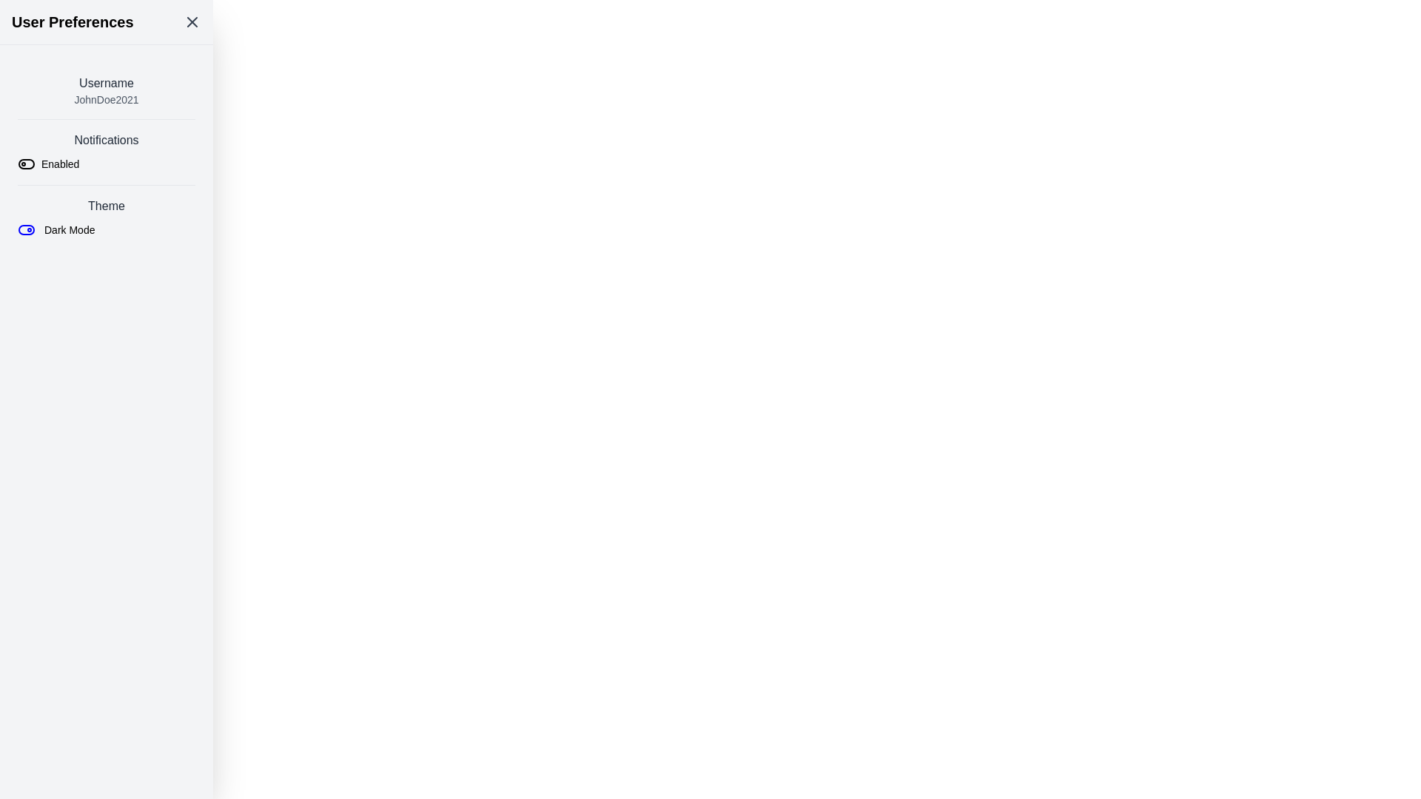 The height and width of the screenshot is (799, 1421). Describe the element at coordinates (106, 206) in the screenshot. I see `the label indicating the purpose of the section below, which deals with the theme settings, located in the 'ThemeDark Mode' section above the 'Dark Mode' text and toggle components` at that location.